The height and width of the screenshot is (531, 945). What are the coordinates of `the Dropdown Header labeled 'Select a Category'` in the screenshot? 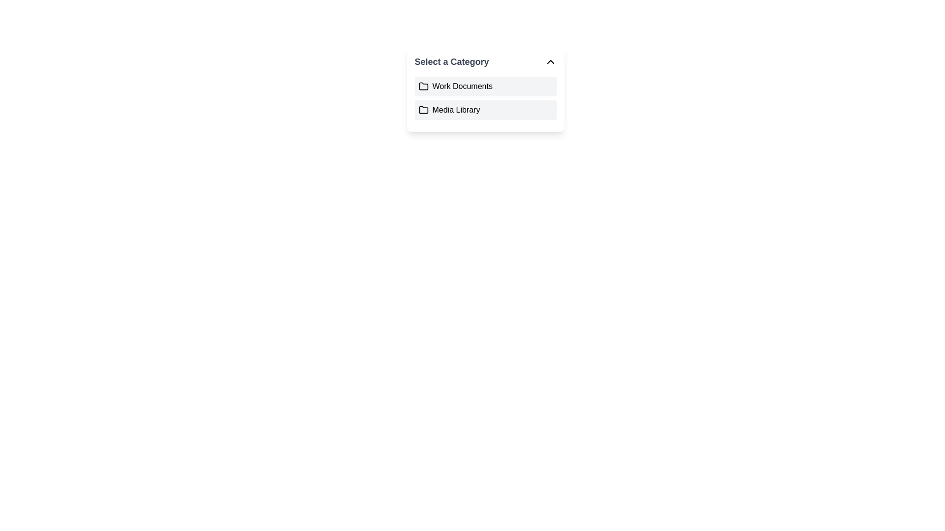 It's located at (485, 62).